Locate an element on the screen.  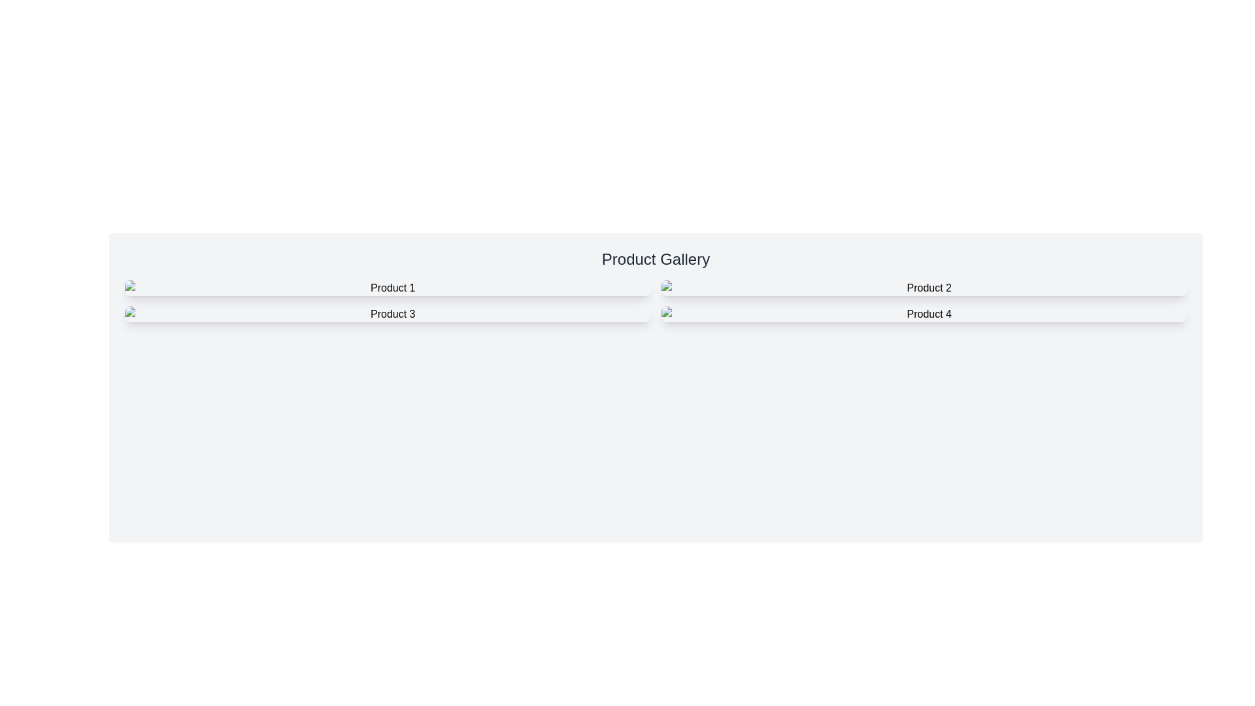
the clickable product card located in the second row, first column of the product gallery is located at coordinates (387, 314).